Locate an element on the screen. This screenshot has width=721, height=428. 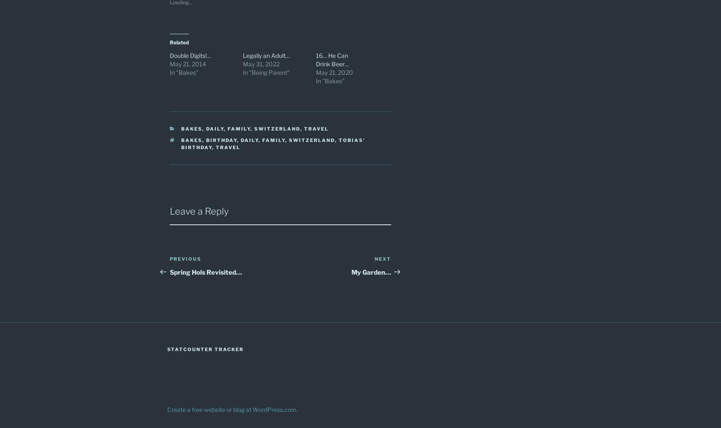
'Related' is located at coordinates (179, 41).